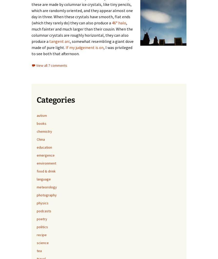  I want to click on 'chemistry', so click(44, 131).